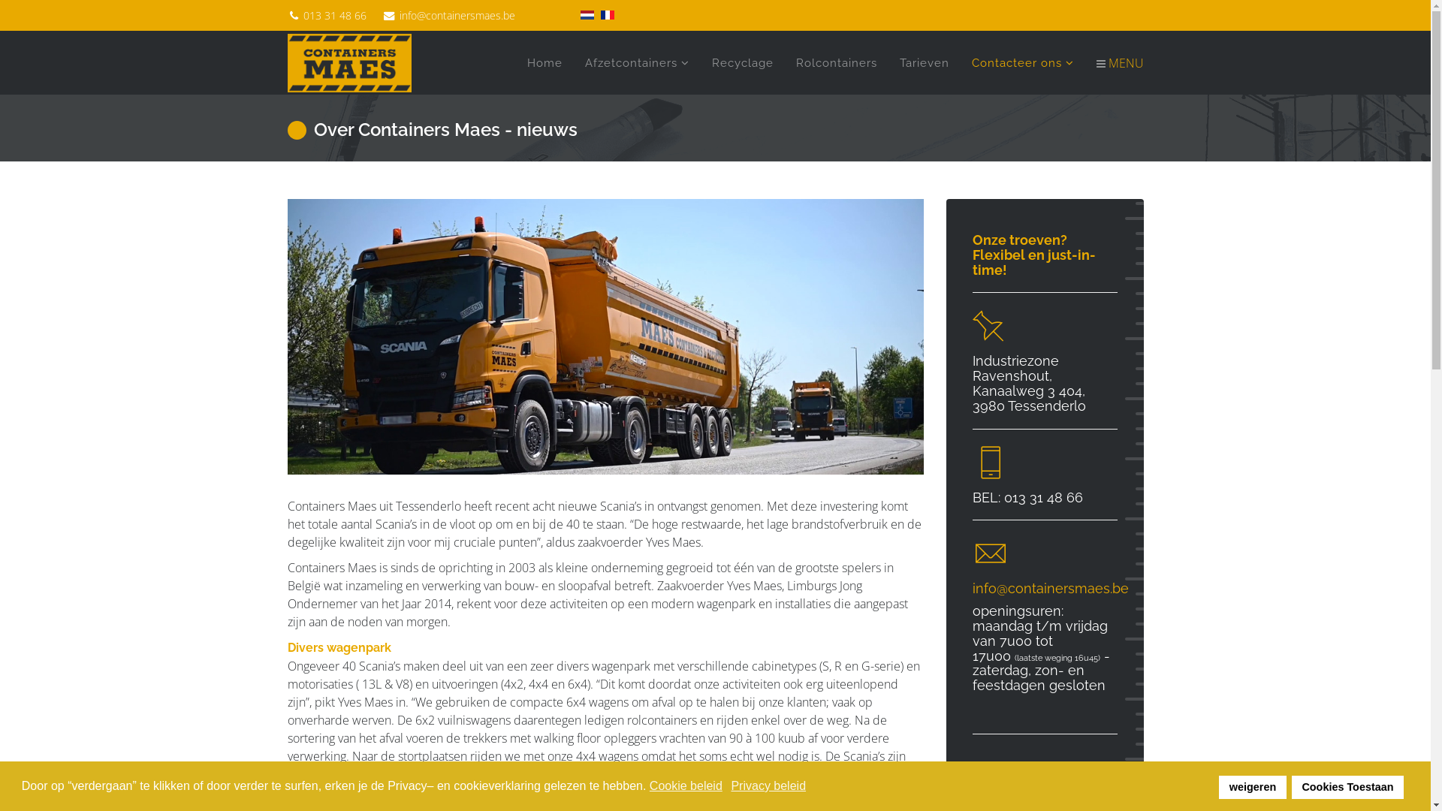 This screenshot has height=811, width=1442. I want to click on 'Afzetcontainers', so click(637, 62).